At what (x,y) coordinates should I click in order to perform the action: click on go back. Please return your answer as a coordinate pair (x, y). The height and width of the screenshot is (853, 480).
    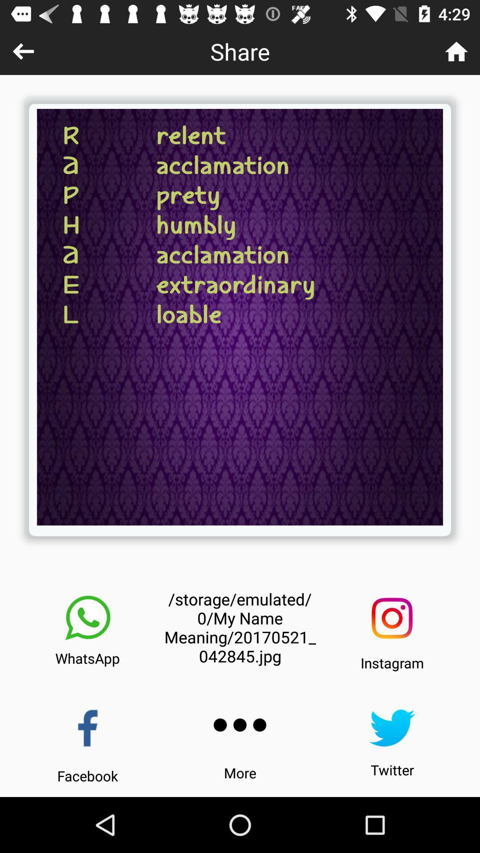
    Looking at the image, I should click on (23, 51).